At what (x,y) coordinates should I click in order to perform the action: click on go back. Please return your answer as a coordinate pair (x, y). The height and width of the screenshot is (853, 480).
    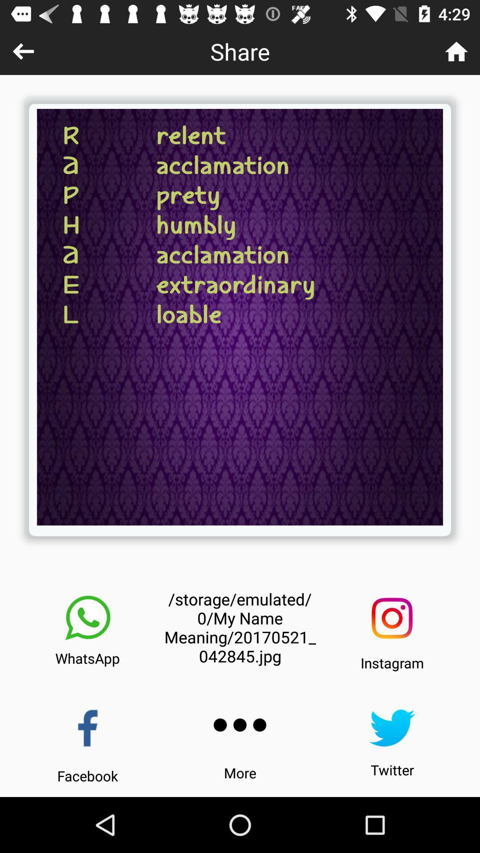
    Looking at the image, I should click on (23, 51).